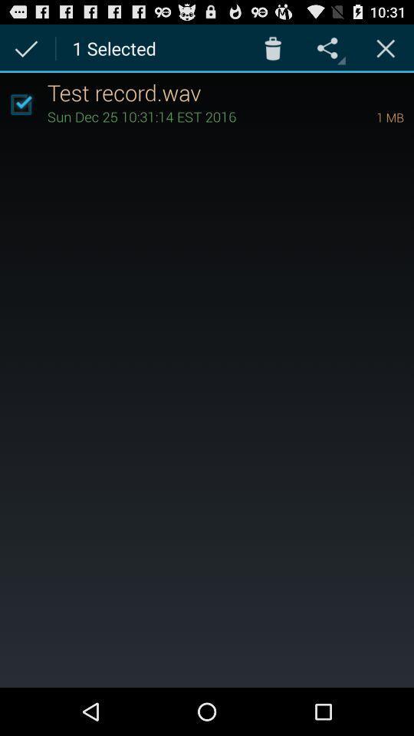 Image resolution: width=414 pixels, height=736 pixels. I want to click on 1 mb icon, so click(368, 116).